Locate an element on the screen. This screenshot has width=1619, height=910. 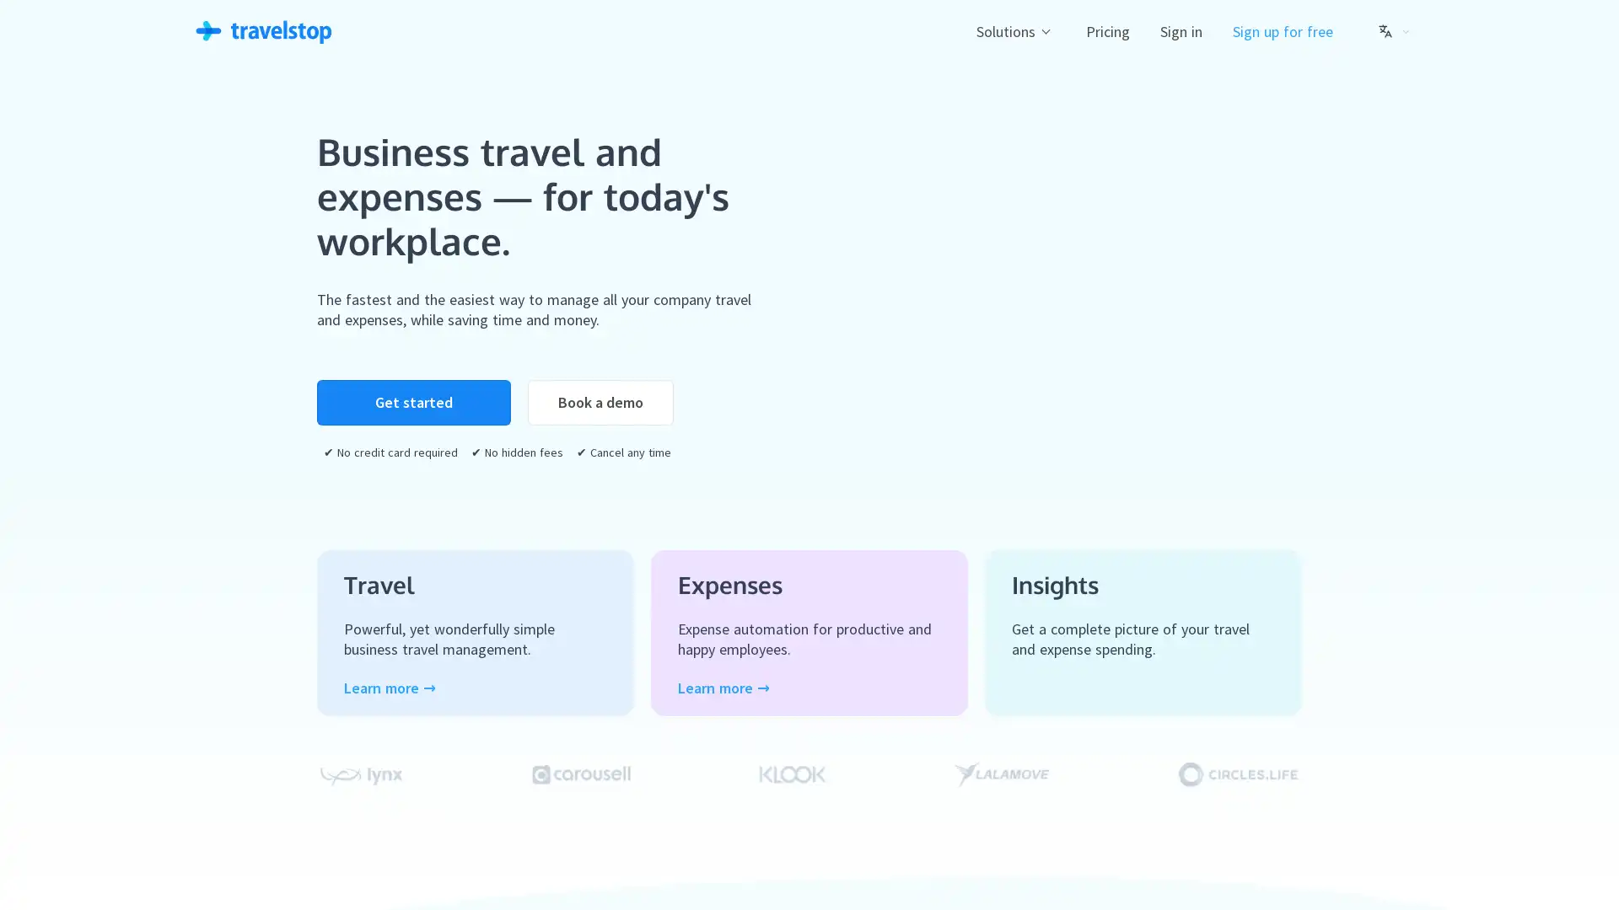
Book a demo is located at coordinates (600, 403).